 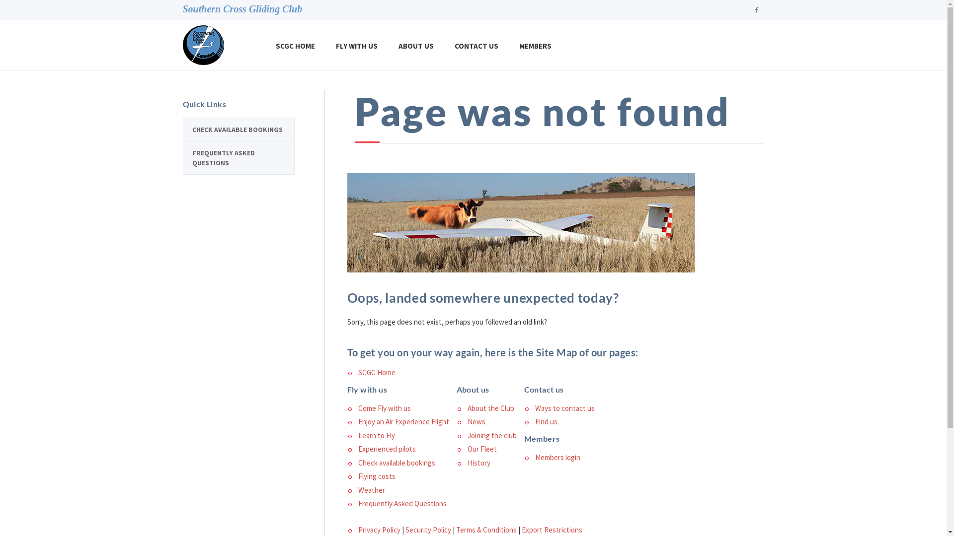 I want to click on 'SCGC HOME', so click(x=295, y=45).